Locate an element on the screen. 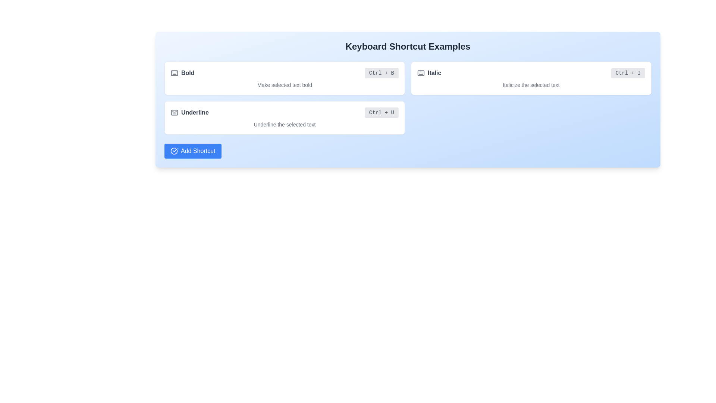 The image size is (716, 403). the static text element displaying 'Ctrl + U' which is located under the 'Keyboard Shortcut Examples' header, aligned to the right of the 'Underline' text is located at coordinates (381, 112).